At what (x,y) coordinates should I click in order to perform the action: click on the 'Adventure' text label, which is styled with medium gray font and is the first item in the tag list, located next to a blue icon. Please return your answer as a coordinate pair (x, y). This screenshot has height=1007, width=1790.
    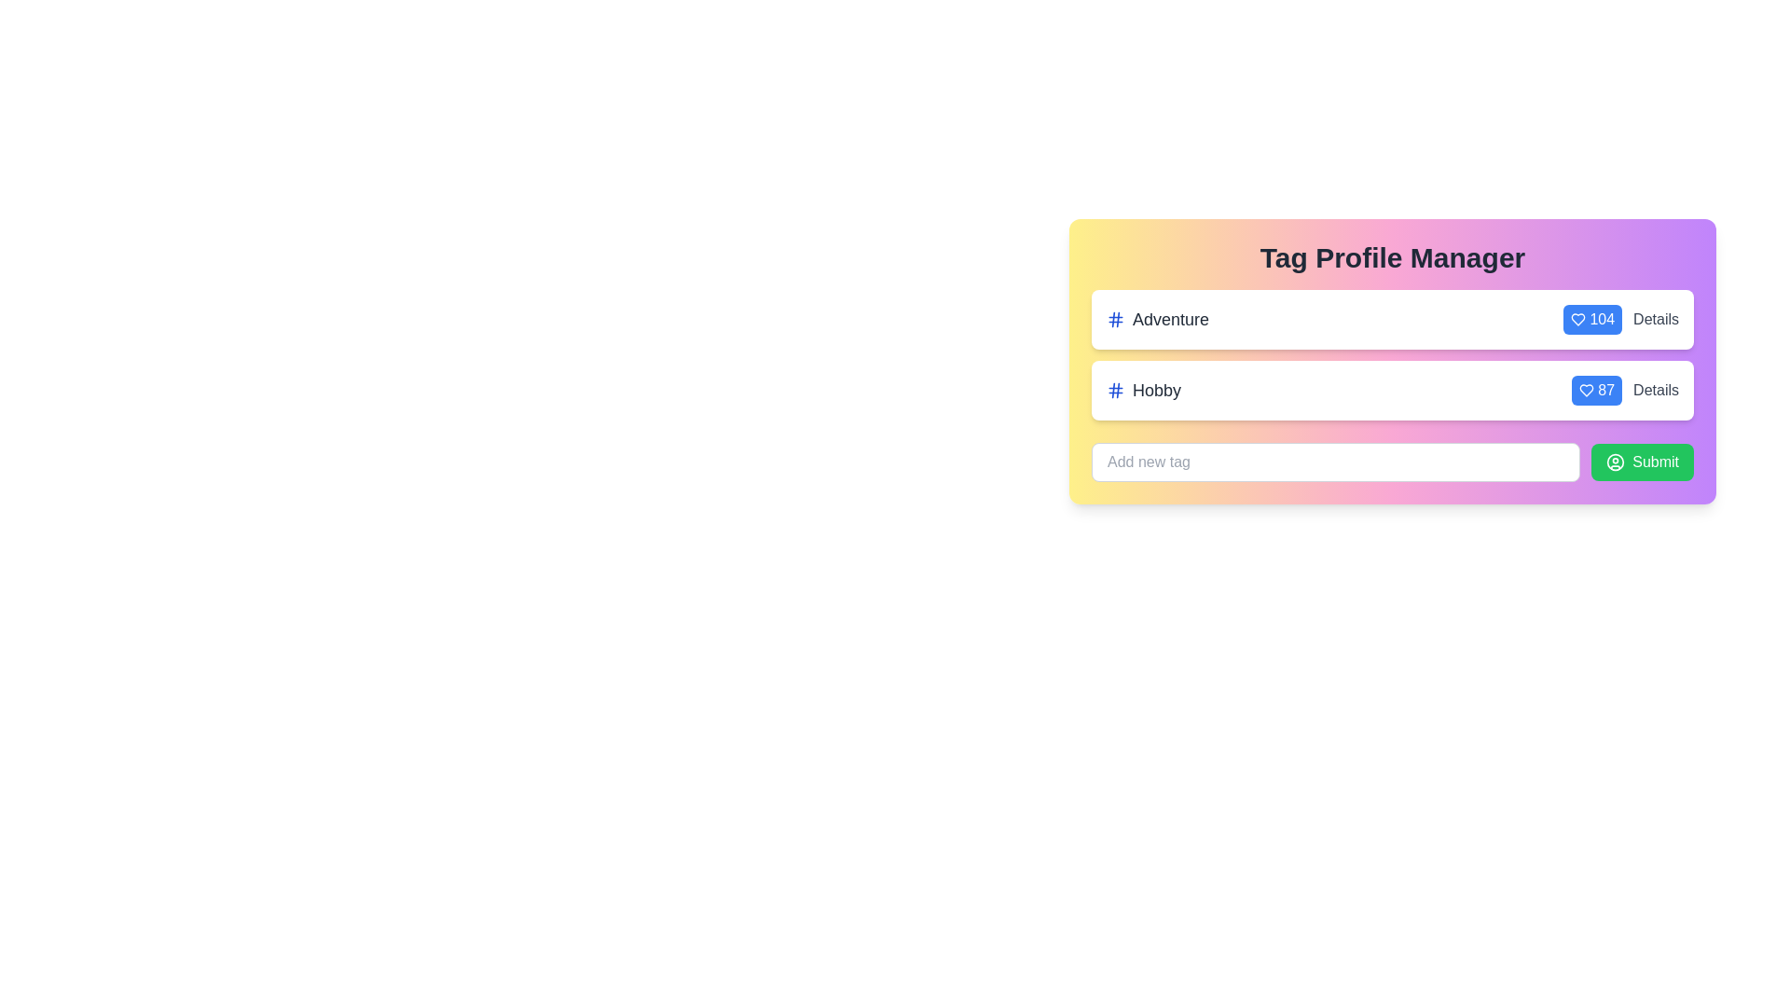
    Looking at the image, I should click on (1170, 319).